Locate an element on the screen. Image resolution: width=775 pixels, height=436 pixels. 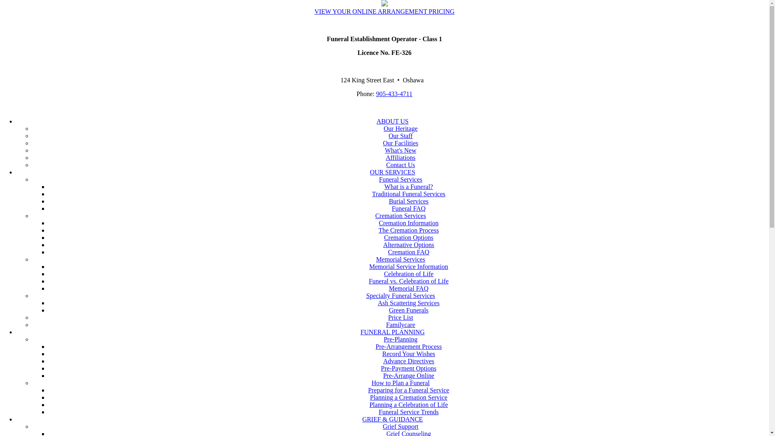
'Advance Directives' is located at coordinates (383, 361).